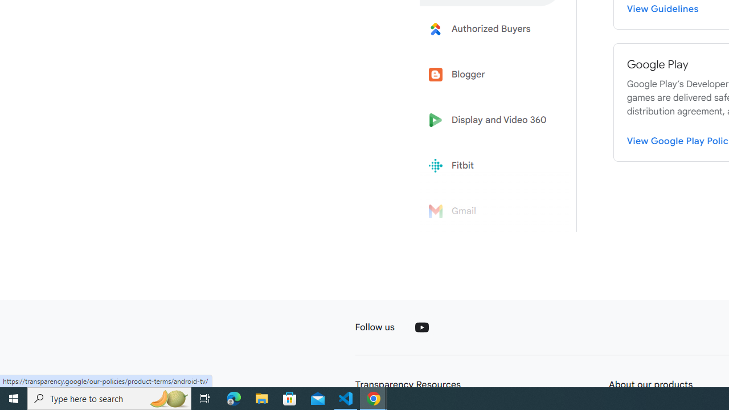  Describe the element at coordinates (421, 327) in the screenshot. I see `'YouTube'` at that location.